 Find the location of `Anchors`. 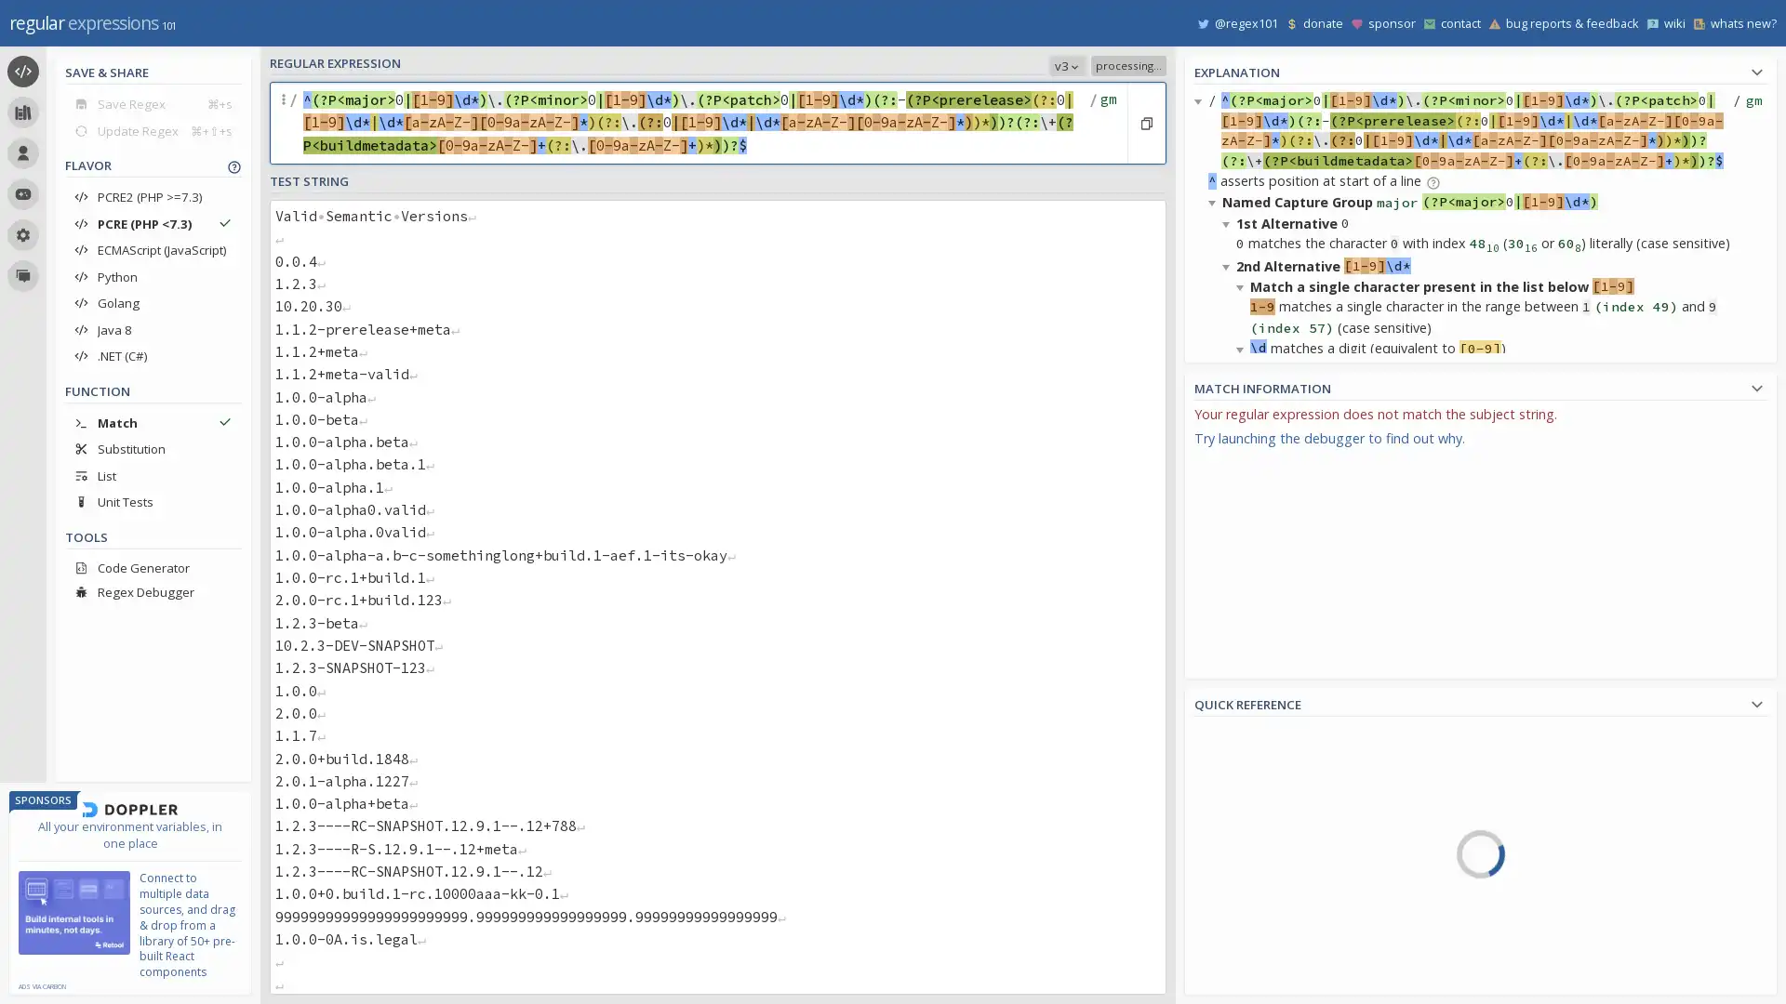

Anchors is located at coordinates (1281, 851).